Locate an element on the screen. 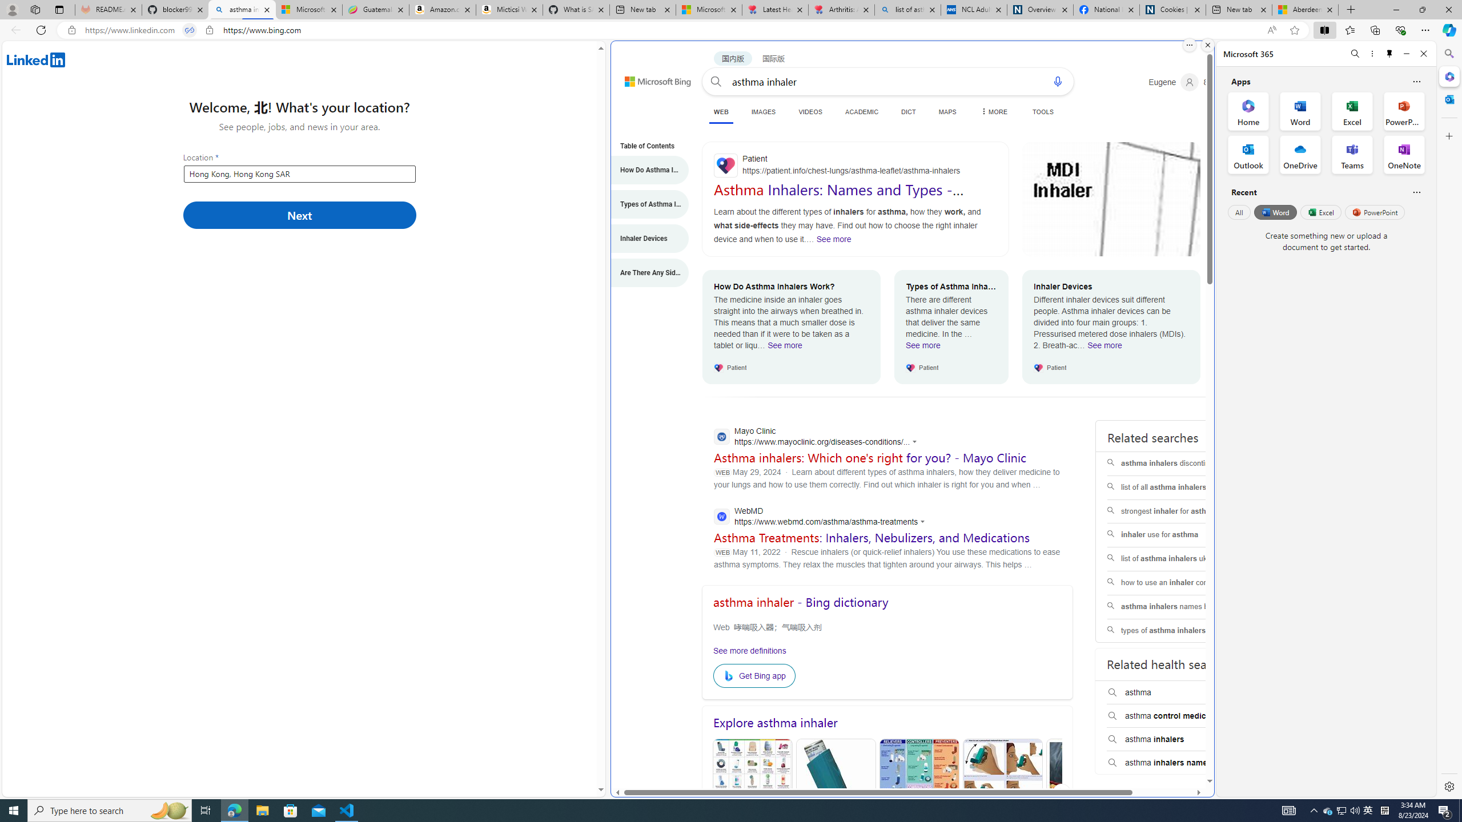  'Excel' is located at coordinates (1320, 212).